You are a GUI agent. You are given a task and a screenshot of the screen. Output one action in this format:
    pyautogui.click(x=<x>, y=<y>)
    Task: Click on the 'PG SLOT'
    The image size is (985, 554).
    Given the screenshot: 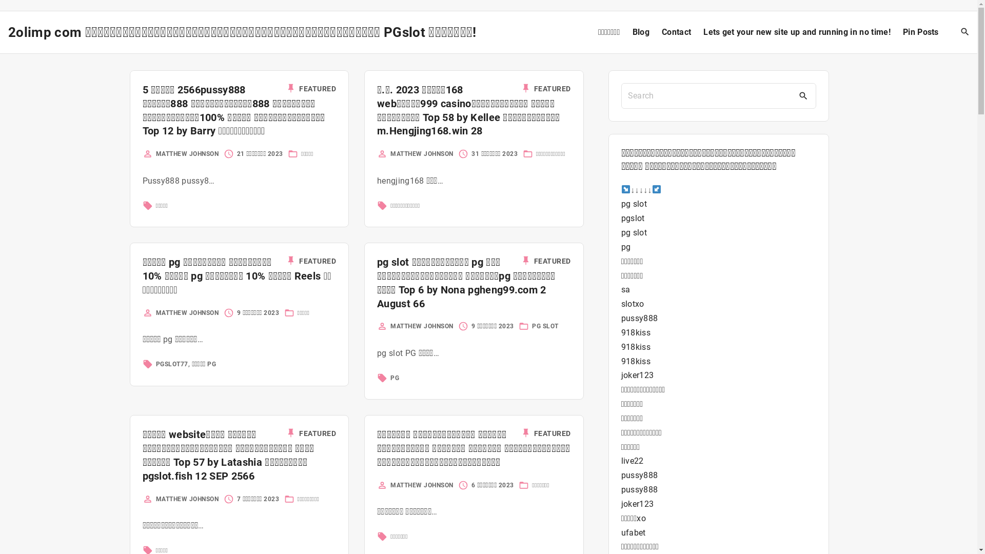 What is the action you would take?
    pyautogui.click(x=544, y=326)
    